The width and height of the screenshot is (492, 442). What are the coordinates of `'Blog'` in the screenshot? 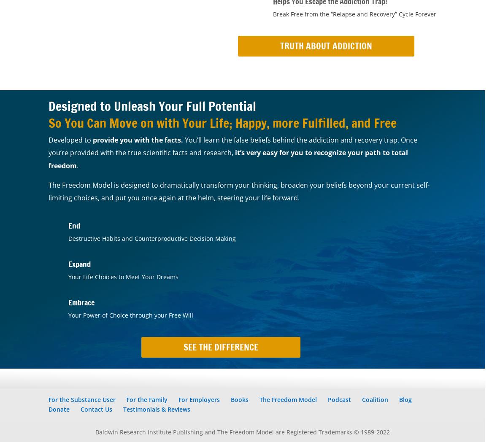 It's located at (405, 399).